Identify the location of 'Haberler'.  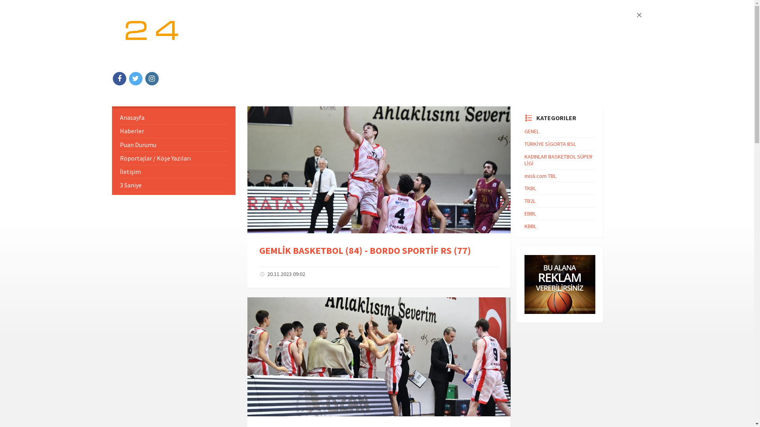
(173, 130).